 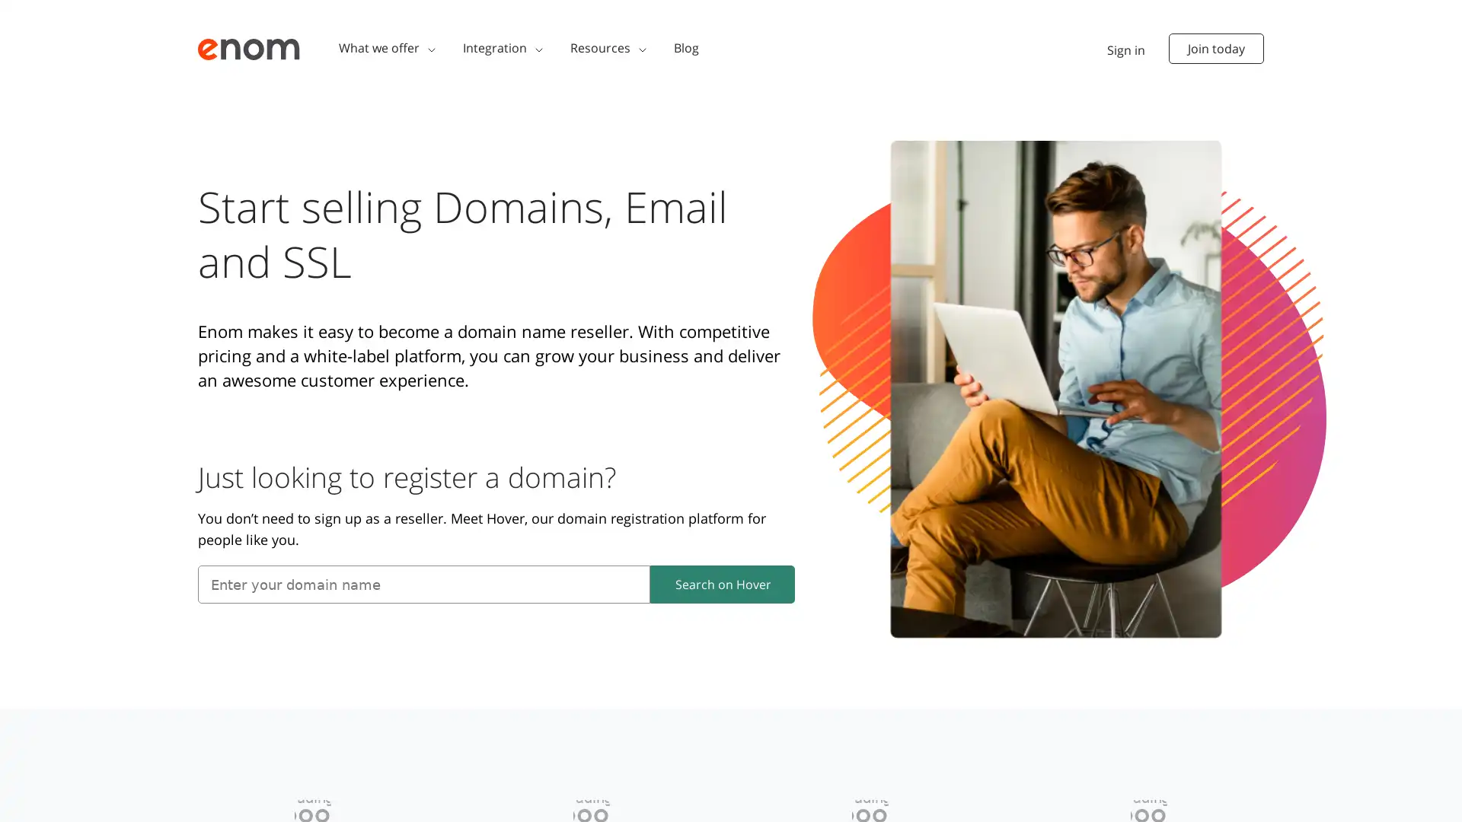 I want to click on Search on Hover, so click(x=722, y=583).